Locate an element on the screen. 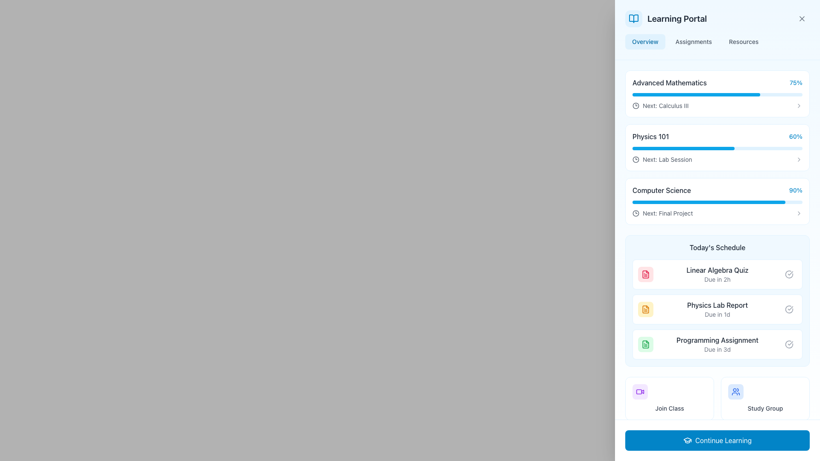 This screenshot has height=461, width=820. the 'Linear Algebra Quiz' informational card is located at coordinates (717, 274).